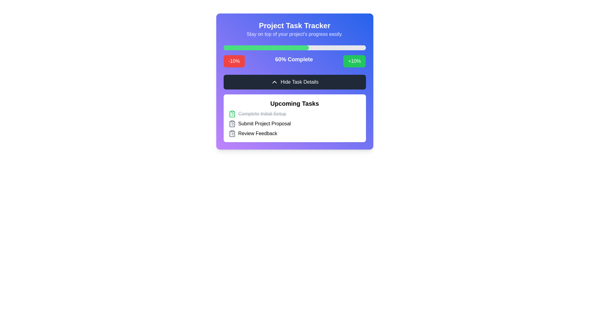  What do you see at coordinates (232, 133) in the screenshot?
I see `the icon that visually represents the task related to reviewing feedback, located in the 'Upcoming Tasks' section, immediately to the left of the 'Review Feedback' text` at bounding box center [232, 133].